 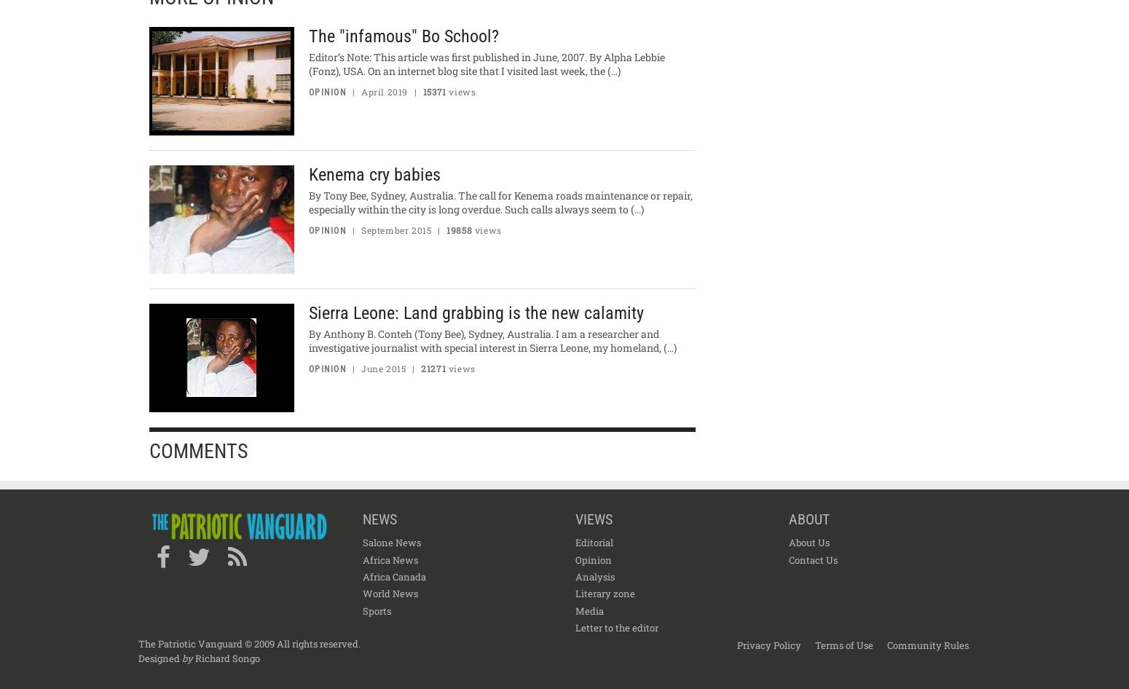 What do you see at coordinates (927, 643) in the screenshot?
I see `'Community Rules'` at bounding box center [927, 643].